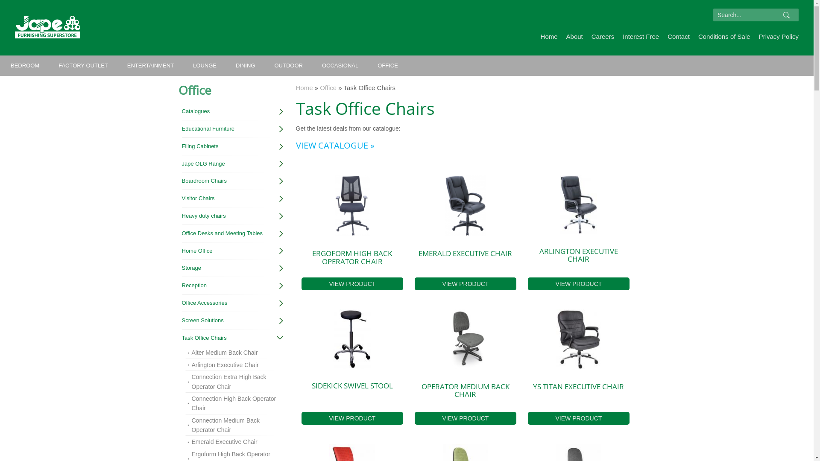 This screenshot has height=461, width=820. I want to click on 'Careers', so click(602, 36).